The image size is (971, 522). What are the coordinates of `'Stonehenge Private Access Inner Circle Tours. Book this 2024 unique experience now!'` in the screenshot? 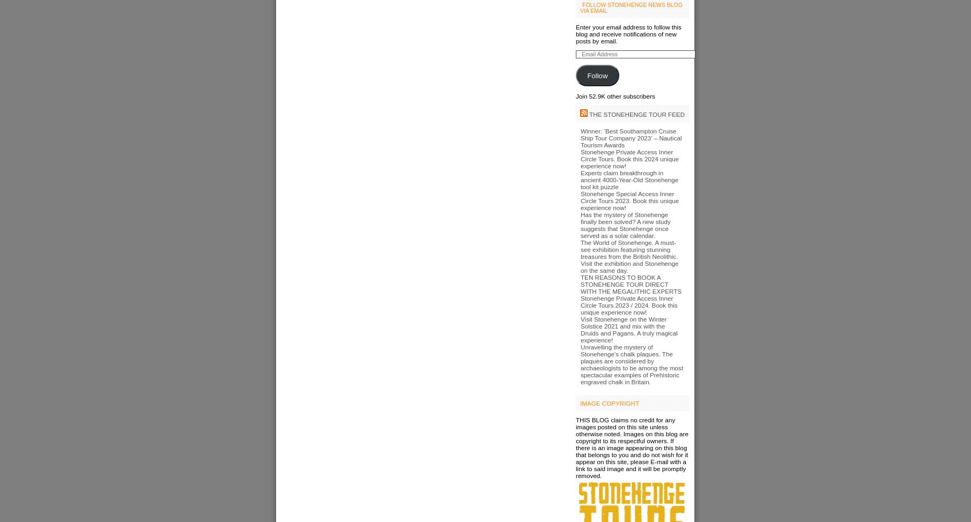 It's located at (629, 158).